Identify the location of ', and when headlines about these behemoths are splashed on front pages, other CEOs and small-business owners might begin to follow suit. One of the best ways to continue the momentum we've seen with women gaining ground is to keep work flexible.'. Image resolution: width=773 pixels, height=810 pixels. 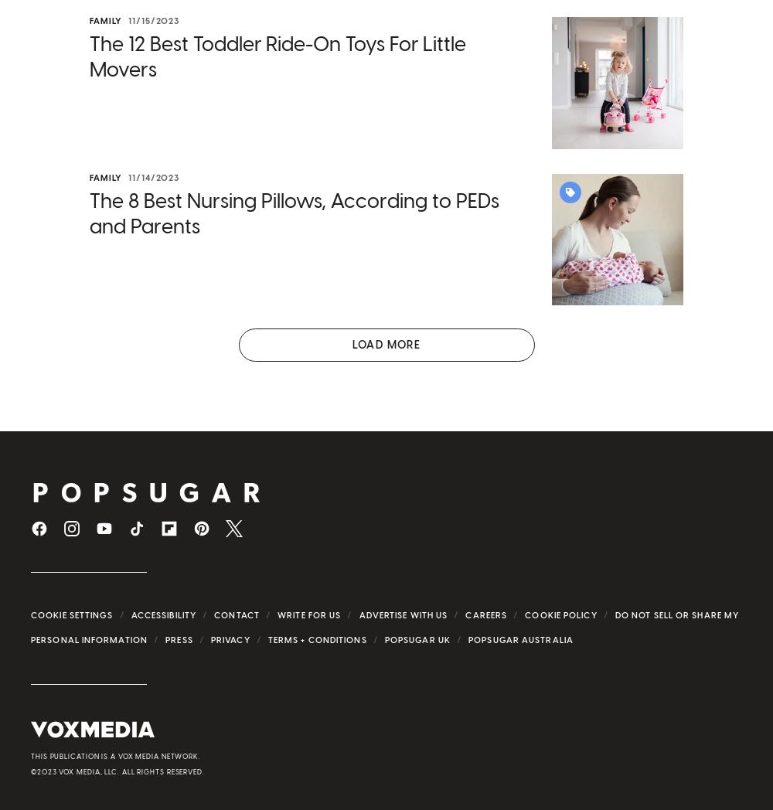
(377, 264).